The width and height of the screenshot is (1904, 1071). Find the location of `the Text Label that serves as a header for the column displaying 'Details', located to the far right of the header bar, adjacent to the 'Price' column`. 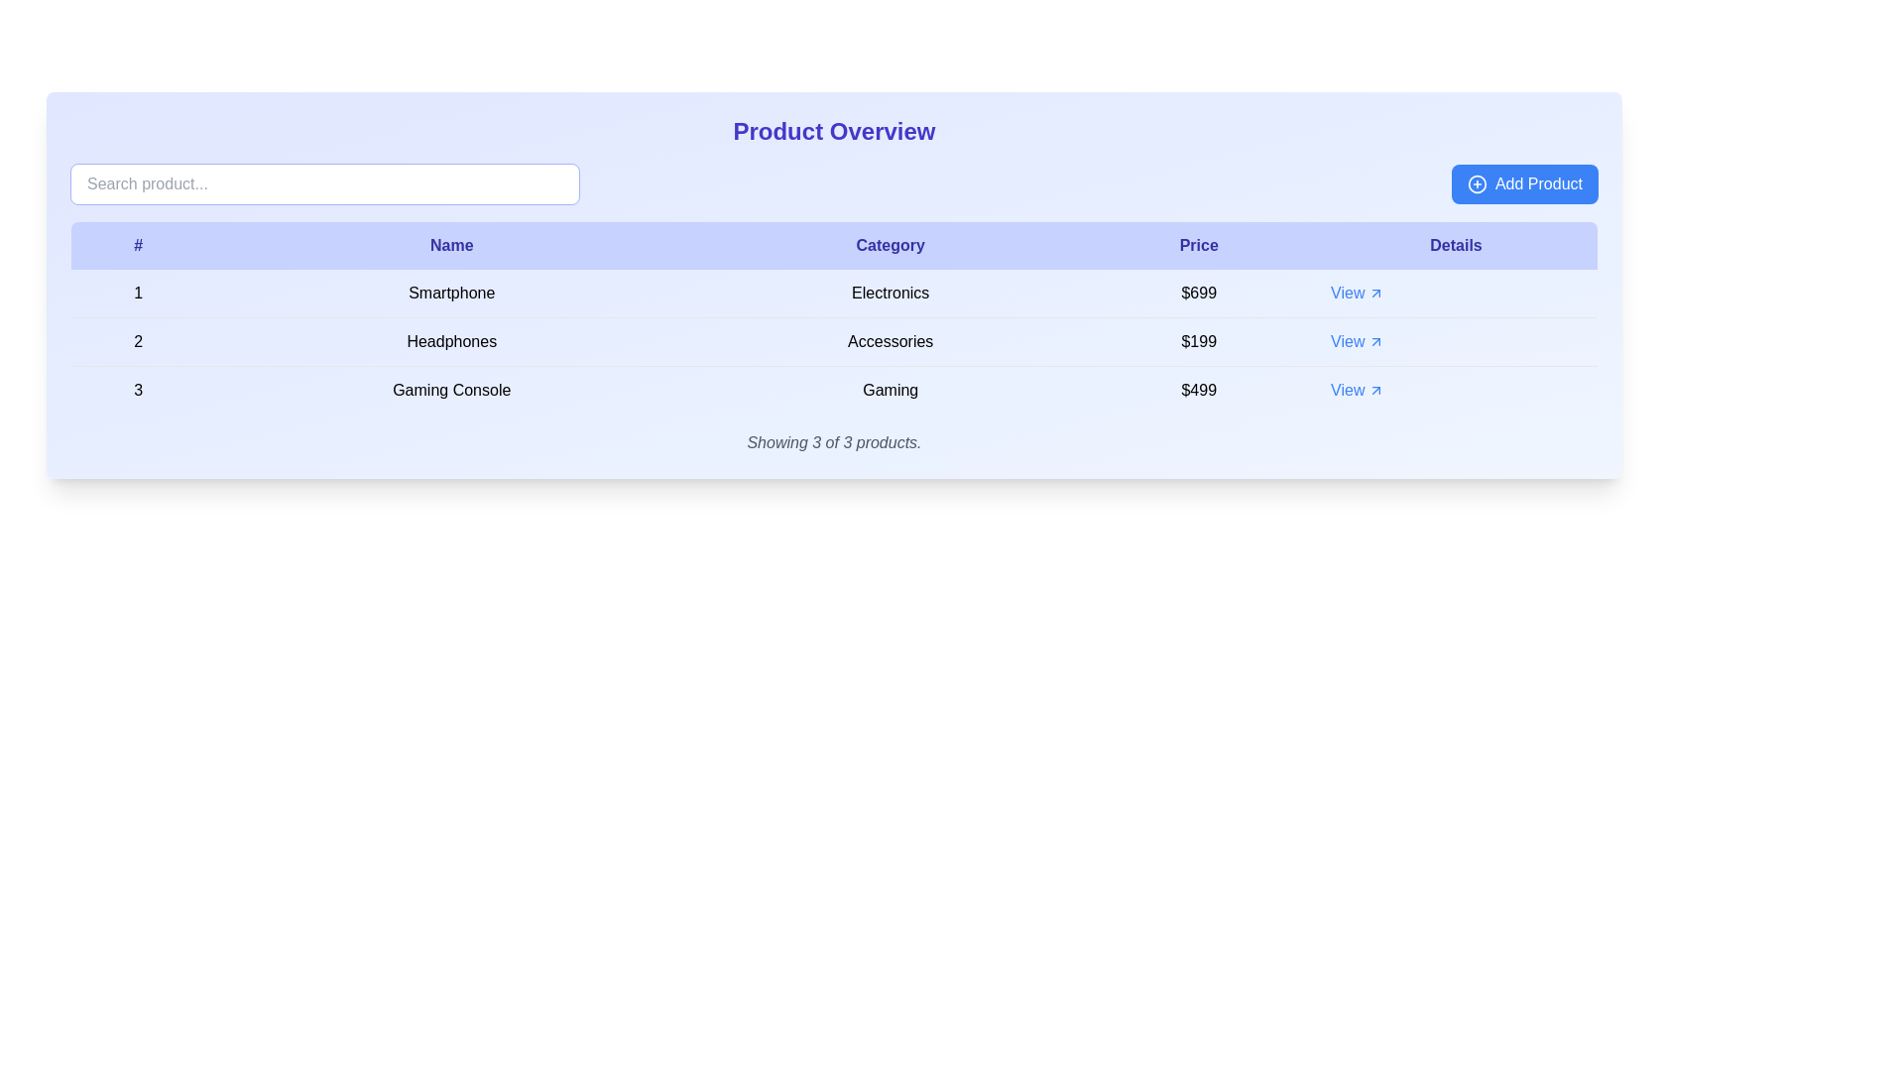

the Text Label that serves as a header for the column displaying 'Details', located to the far right of the header bar, adjacent to the 'Price' column is located at coordinates (1456, 244).